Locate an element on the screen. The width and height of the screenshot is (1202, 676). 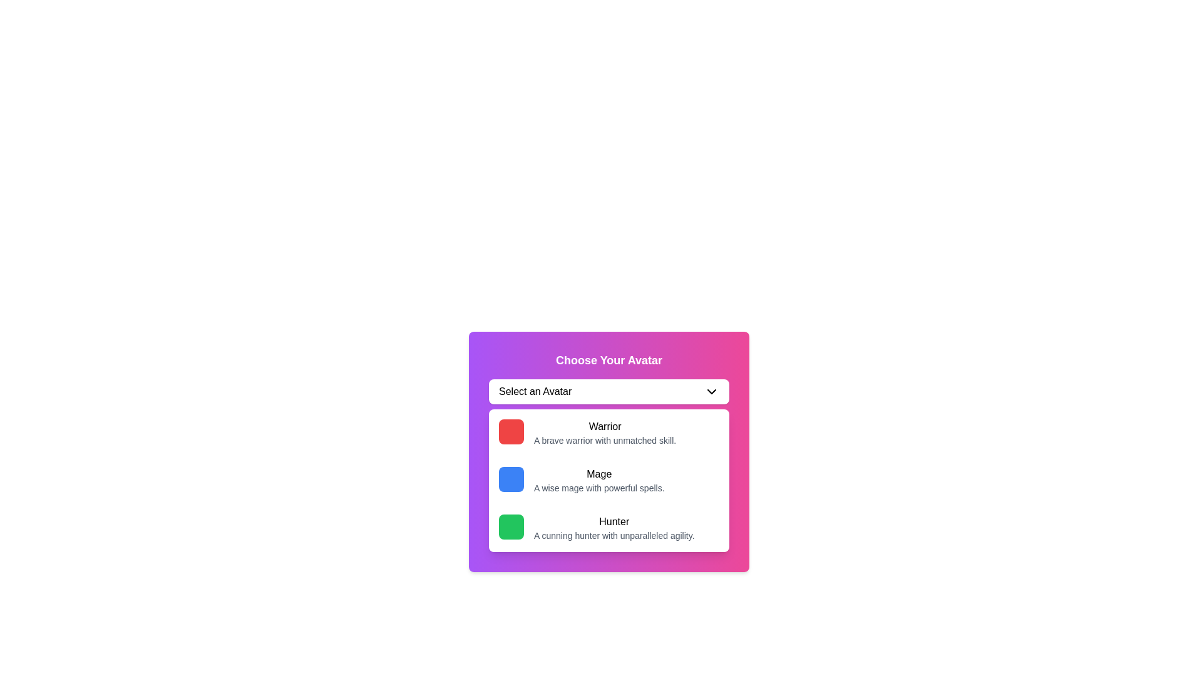
the static text component that says 'Select an Avatar', which is located at the top of a dropdown-like interface within a gradient-colored card is located at coordinates (535, 391).